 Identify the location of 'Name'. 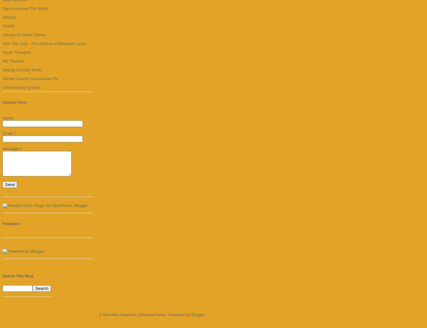
(8, 118).